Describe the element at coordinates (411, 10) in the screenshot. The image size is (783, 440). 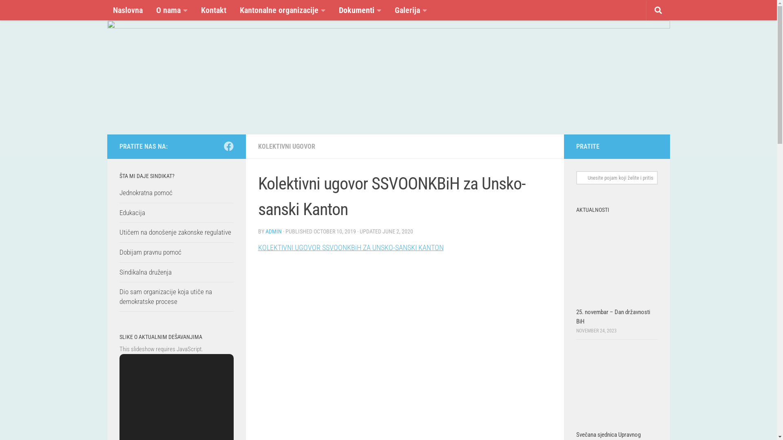
I see `'Galerija'` at that location.